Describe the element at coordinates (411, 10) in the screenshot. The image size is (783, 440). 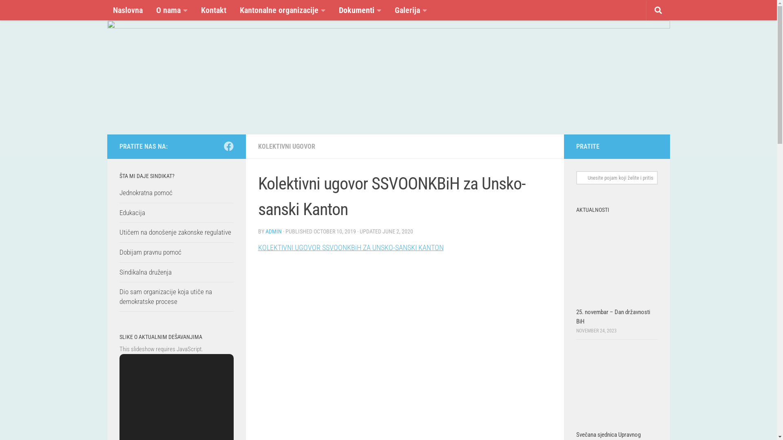
I see `'Galerija'` at that location.